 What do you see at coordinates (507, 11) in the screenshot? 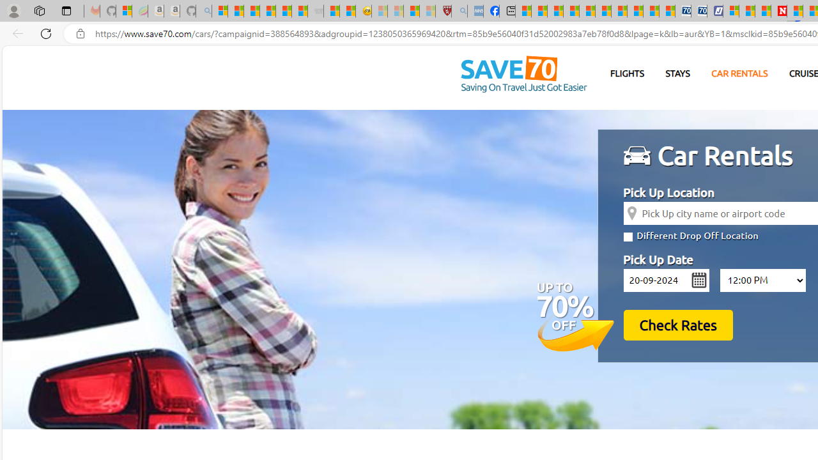
I see `'New tab'` at bounding box center [507, 11].